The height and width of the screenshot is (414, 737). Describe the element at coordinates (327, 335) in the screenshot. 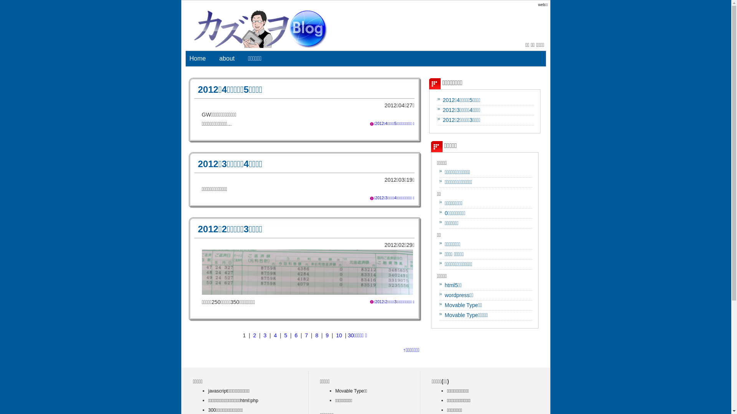

I see `' 9 '` at that location.